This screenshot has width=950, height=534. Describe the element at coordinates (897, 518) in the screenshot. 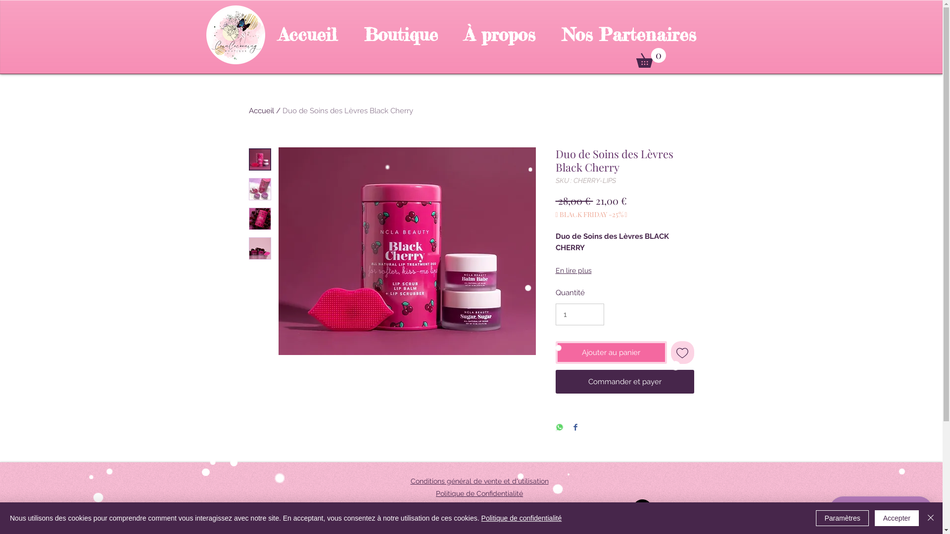

I see `'Accepter'` at that location.